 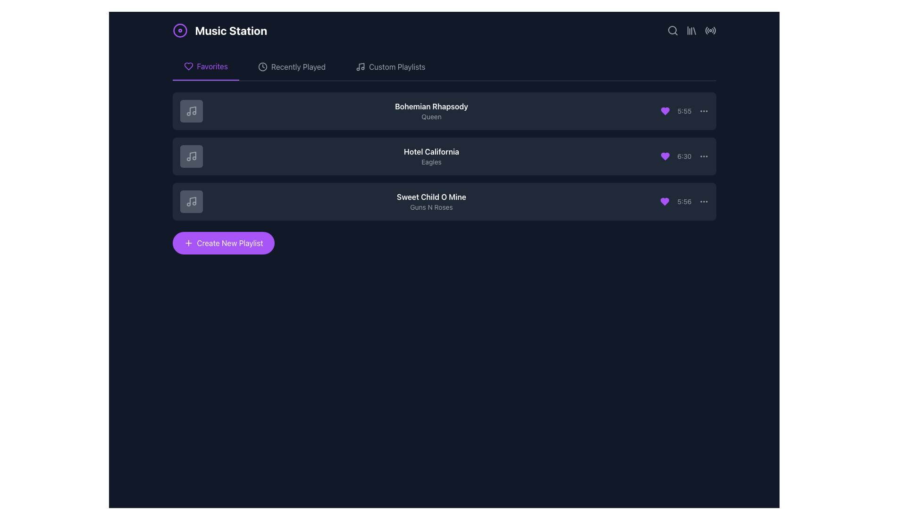 I want to click on the second item in the navigation menu, which is the 'Recently Played' link, so click(x=298, y=66).